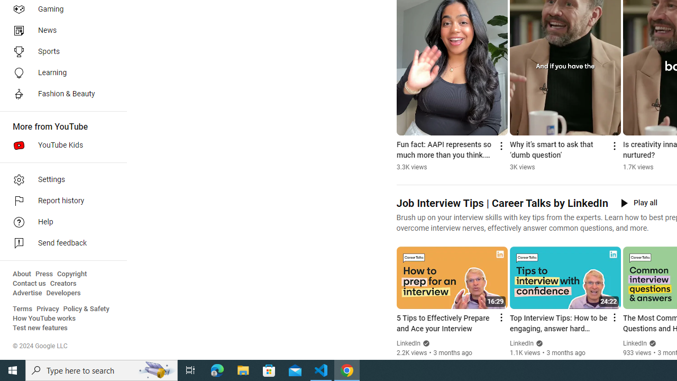  I want to click on 'Learning', so click(59, 72).